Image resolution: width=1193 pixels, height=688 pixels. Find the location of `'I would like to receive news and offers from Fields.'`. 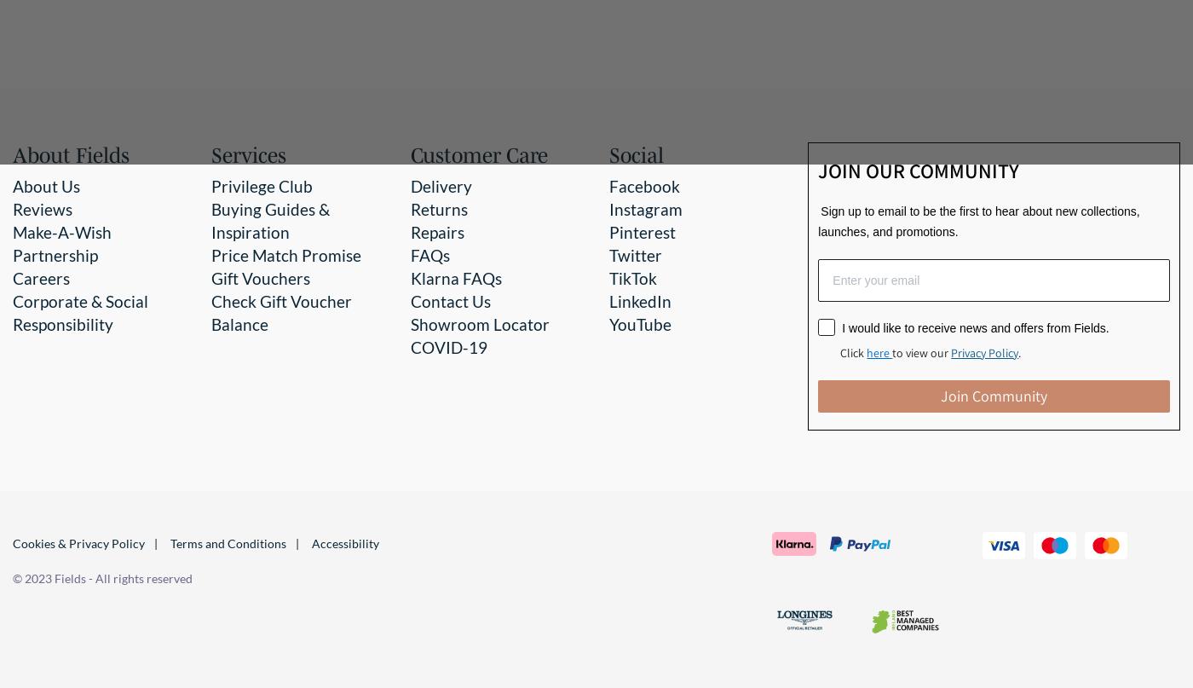

'I would like to receive news and offers from Fields.' is located at coordinates (975, 327).